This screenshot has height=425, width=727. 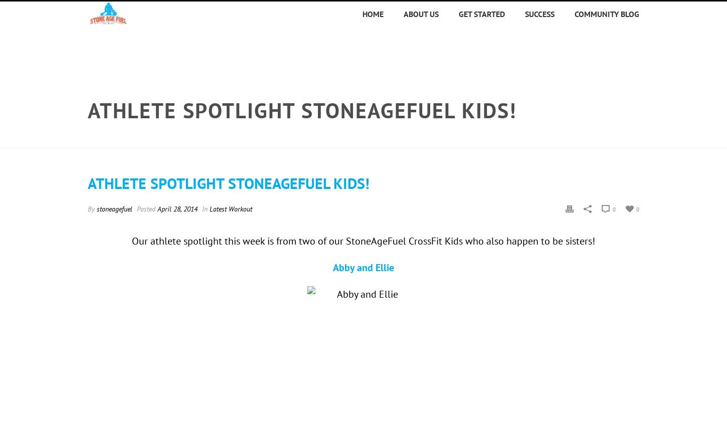 I want to click on 'Posted', so click(x=146, y=208).